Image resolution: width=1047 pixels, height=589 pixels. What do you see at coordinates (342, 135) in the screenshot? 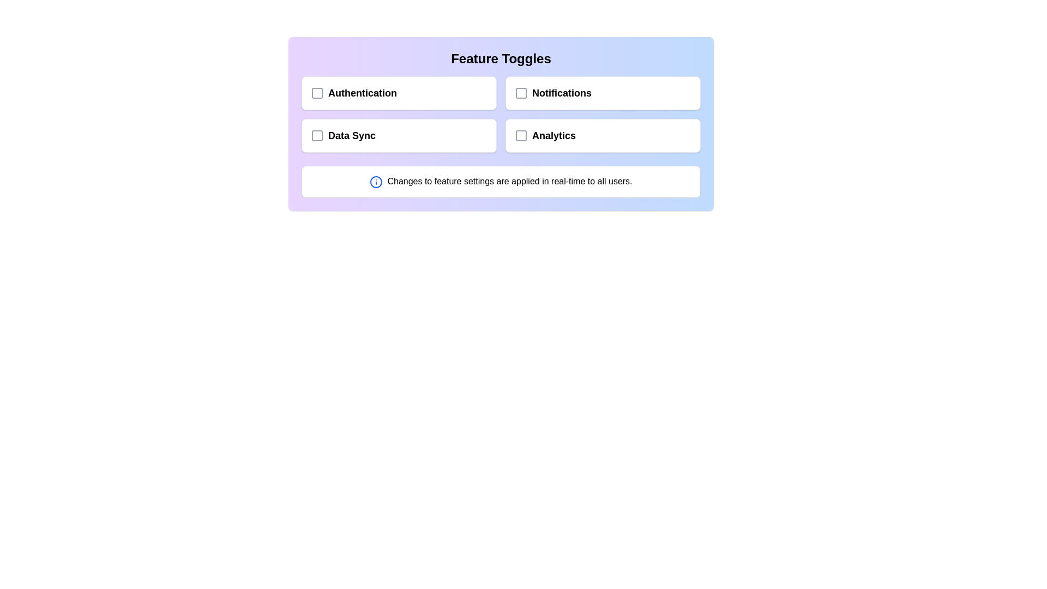
I see `the checkbox labeled 'Data Sync'` at bounding box center [342, 135].